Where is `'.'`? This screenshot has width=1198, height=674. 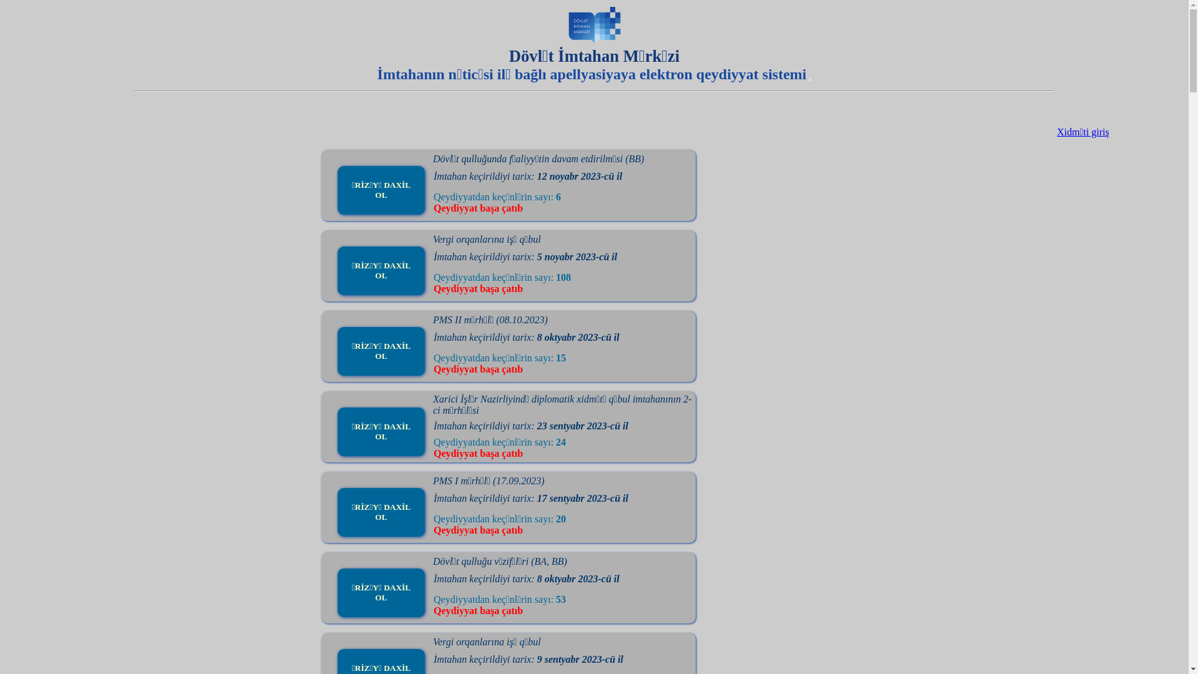 '.' is located at coordinates (809, 76).